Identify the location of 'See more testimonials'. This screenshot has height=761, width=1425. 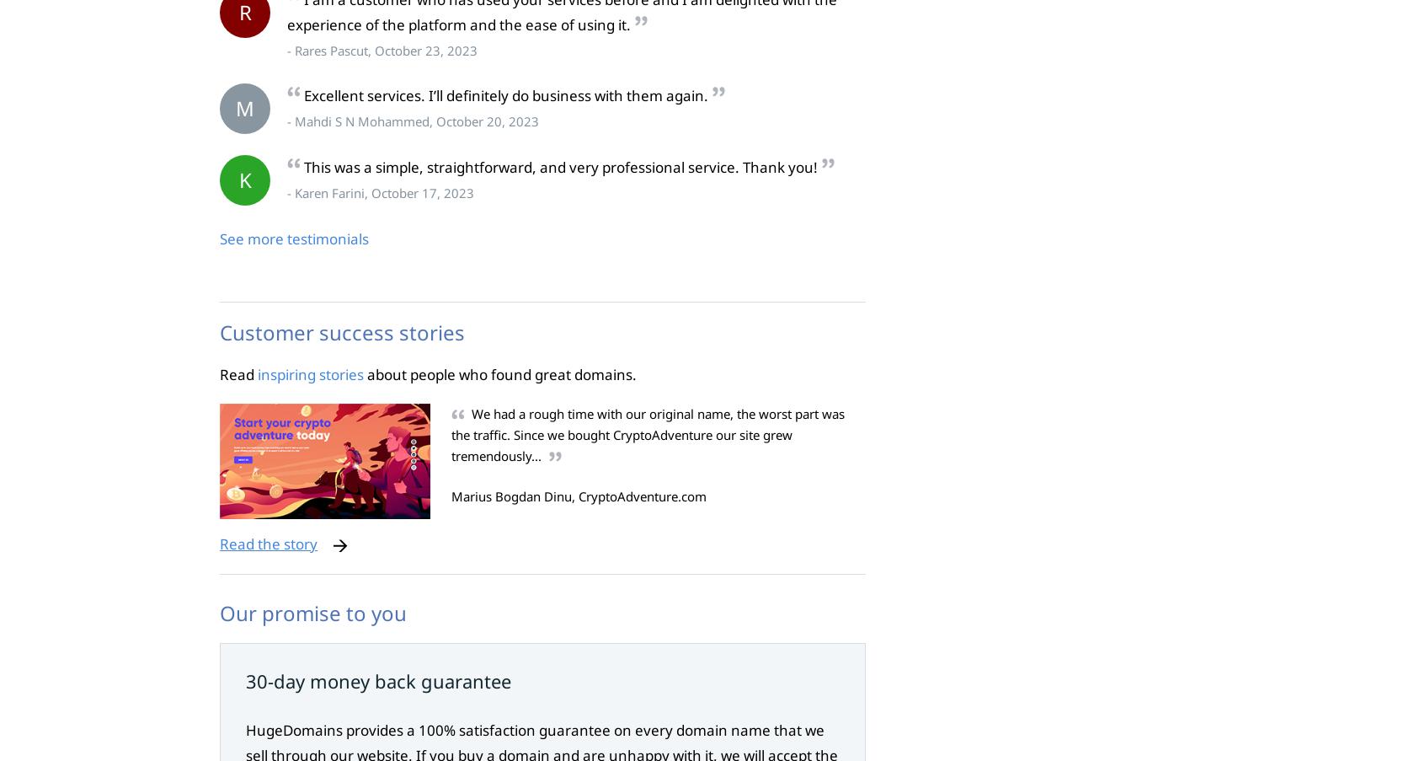
(293, 238).